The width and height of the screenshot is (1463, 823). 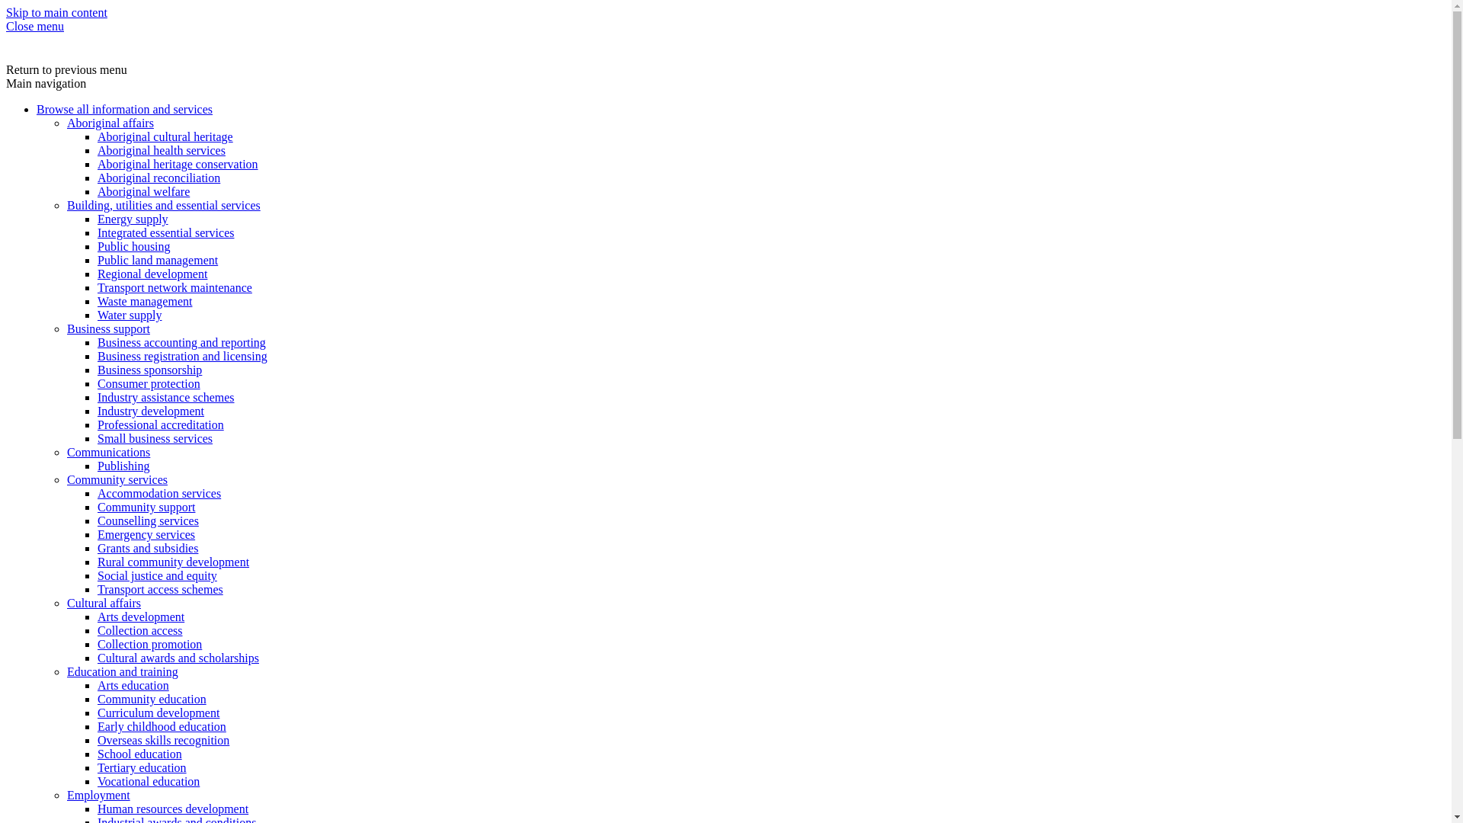 I want to click on 'Consumer protection', so click(x=97, y=383).